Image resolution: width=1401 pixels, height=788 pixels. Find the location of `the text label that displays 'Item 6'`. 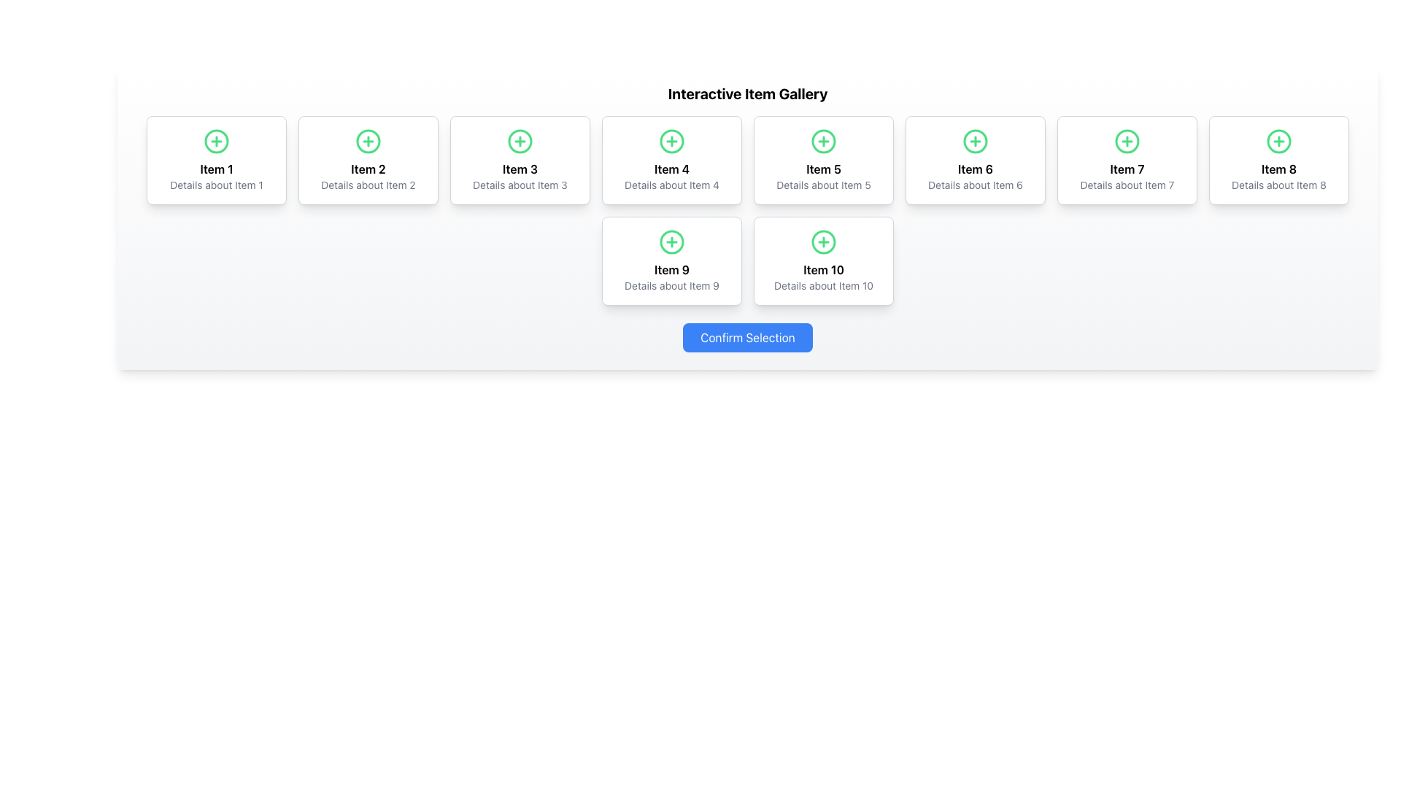

the text label that displays 'Item 6' is located at coordinates (976, 168).